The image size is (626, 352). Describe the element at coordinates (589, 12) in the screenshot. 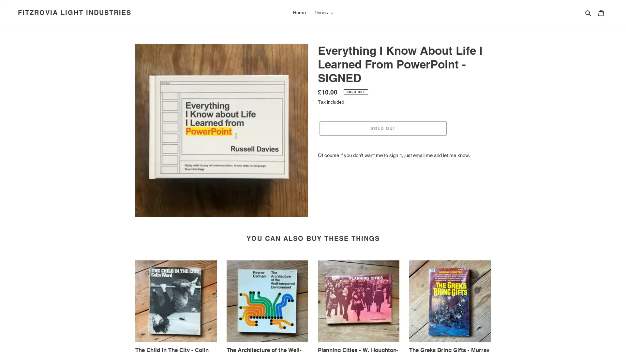

I see `Search` at that location.